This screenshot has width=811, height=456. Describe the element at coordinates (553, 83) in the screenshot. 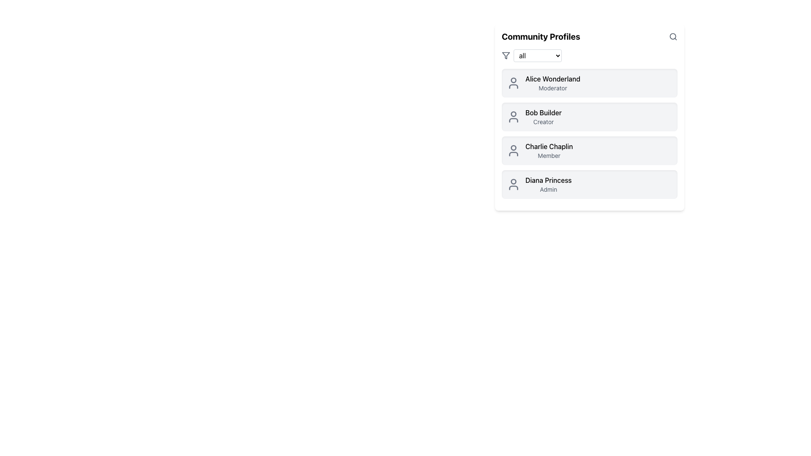

I see `the text display element that shows 'Alice Wonderland' and 'Moderator', located under 'Community Profiles'` at that location.